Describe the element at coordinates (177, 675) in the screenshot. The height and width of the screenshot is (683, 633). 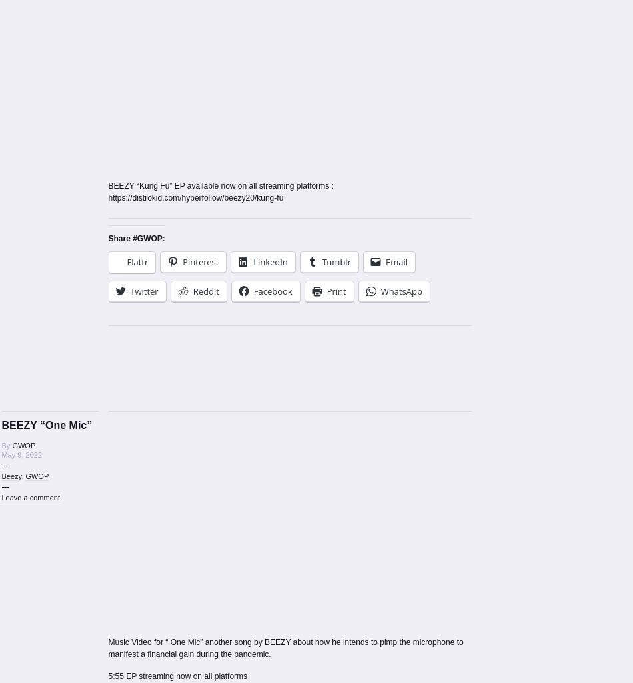
I see `'5:55 EP streaming now on all platforms'` at that location.